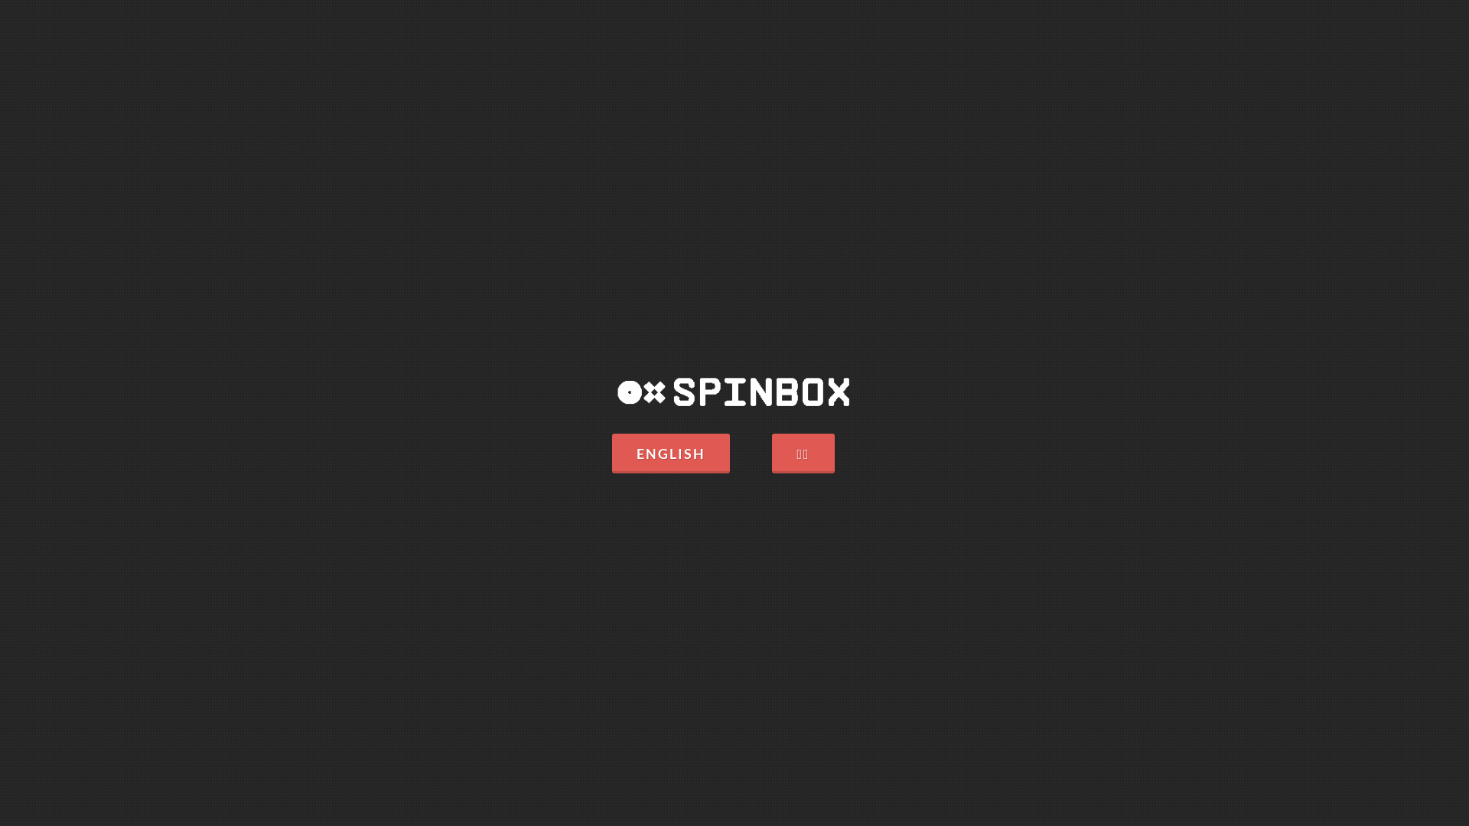 The height and width of the screenshot is (826, 1469). I want to click on 'ENGLISH', so click(612, 453).